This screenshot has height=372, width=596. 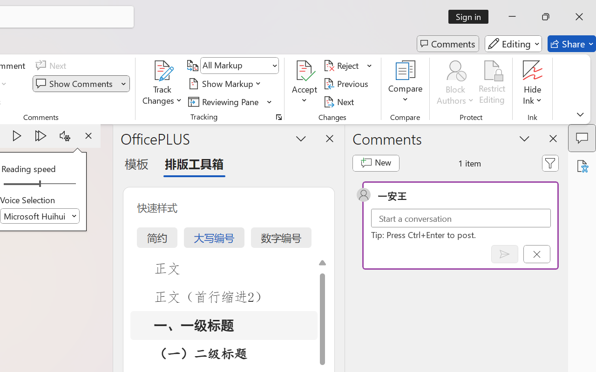 I want to click on 'Accept and Move to Next', so click(x=305, y=70).